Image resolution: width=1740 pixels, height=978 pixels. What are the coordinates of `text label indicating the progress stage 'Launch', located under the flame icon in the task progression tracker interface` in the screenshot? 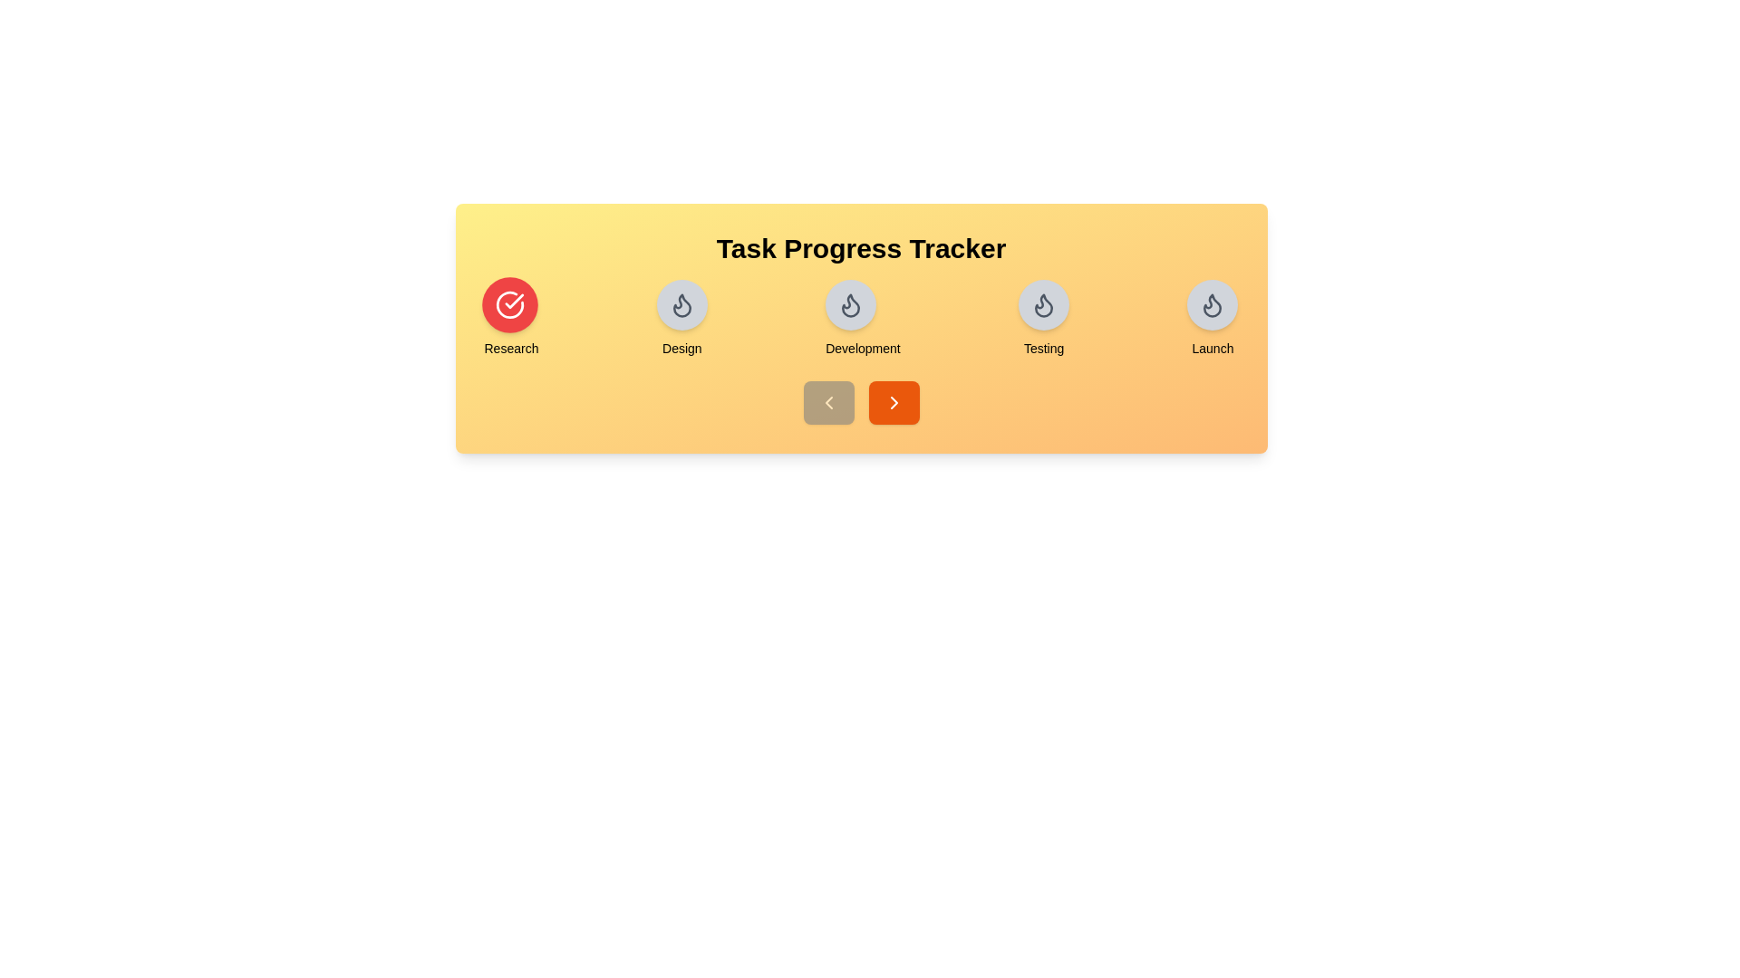 It's located at (1213, 349).